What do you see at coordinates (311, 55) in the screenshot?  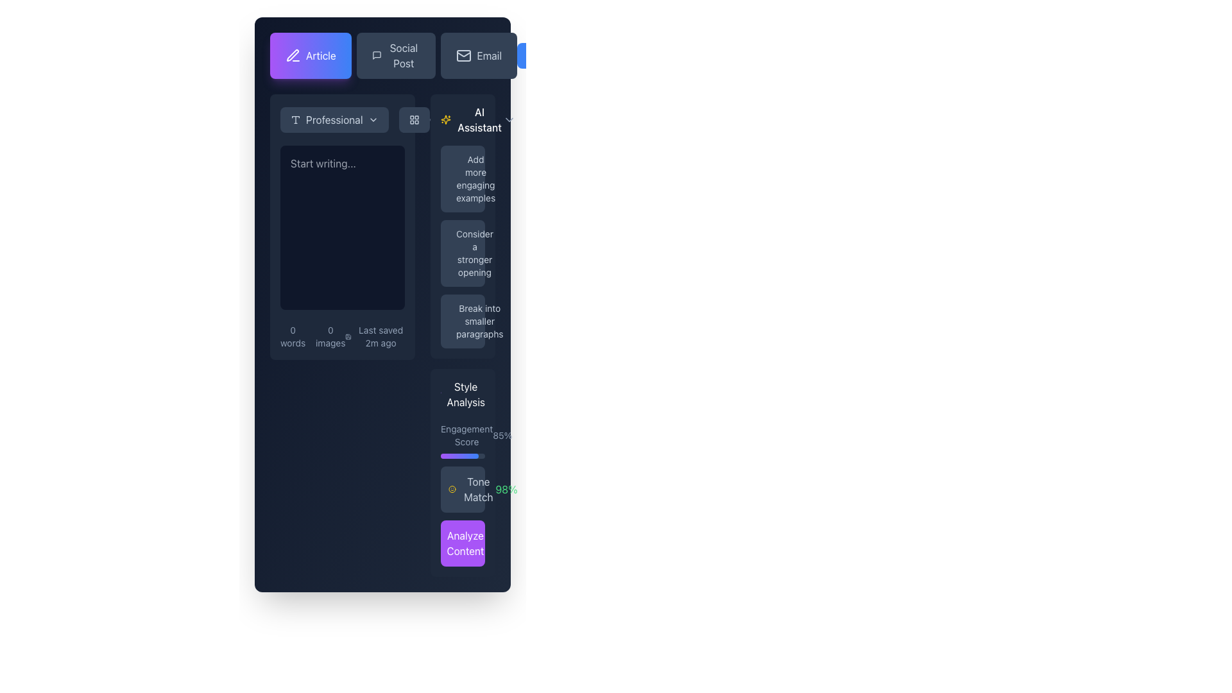 I see `the button used for initiating the creation of an article, located to the left of the 'Social Post' and 'Email' buttons at the top-left corner of the interface to observe any hover effects` at bounding box center [311, 55].